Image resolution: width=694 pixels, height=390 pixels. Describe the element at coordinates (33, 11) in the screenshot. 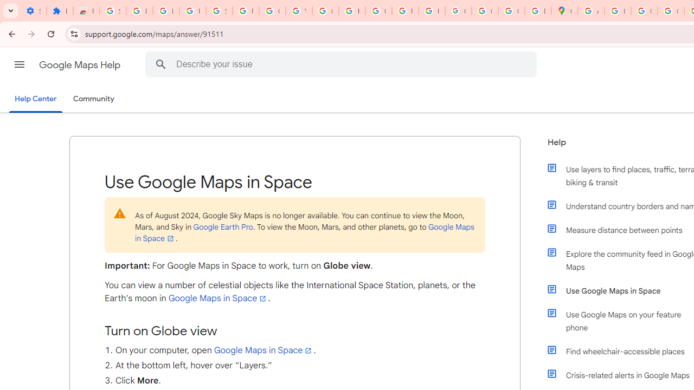

I see `'Settings - On startup'` at that location.